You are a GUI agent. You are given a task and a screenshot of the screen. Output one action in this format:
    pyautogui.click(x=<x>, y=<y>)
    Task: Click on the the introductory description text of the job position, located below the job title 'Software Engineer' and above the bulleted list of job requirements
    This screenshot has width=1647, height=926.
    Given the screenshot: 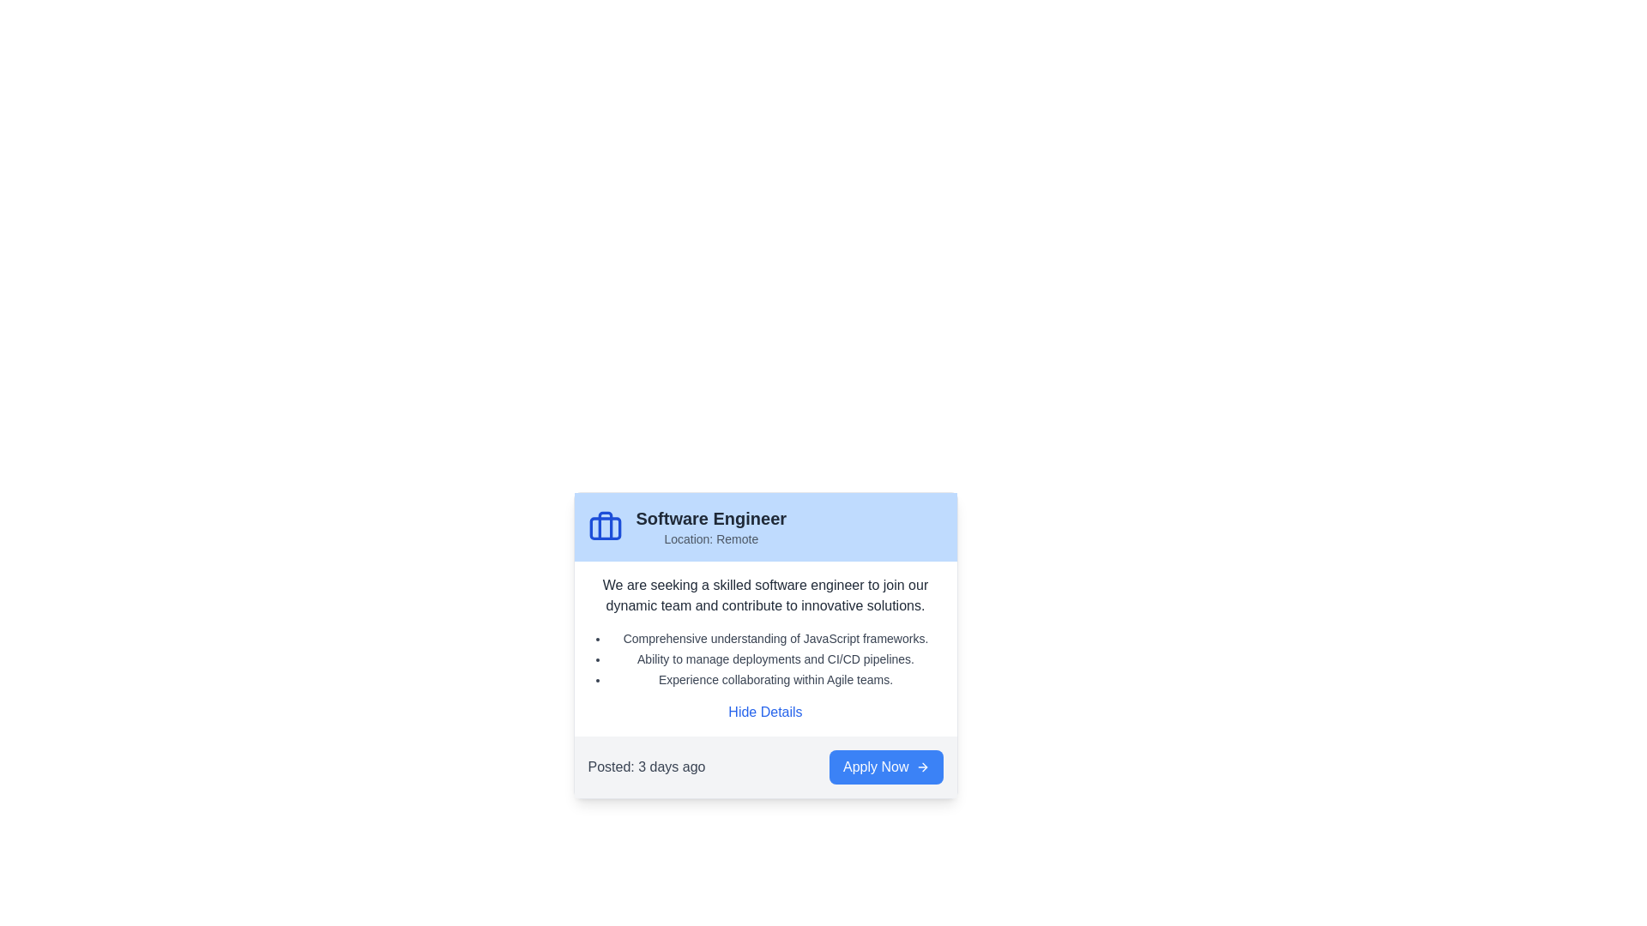 What is the action you would take?
    pyautogui.click(x=764, y=594)
    